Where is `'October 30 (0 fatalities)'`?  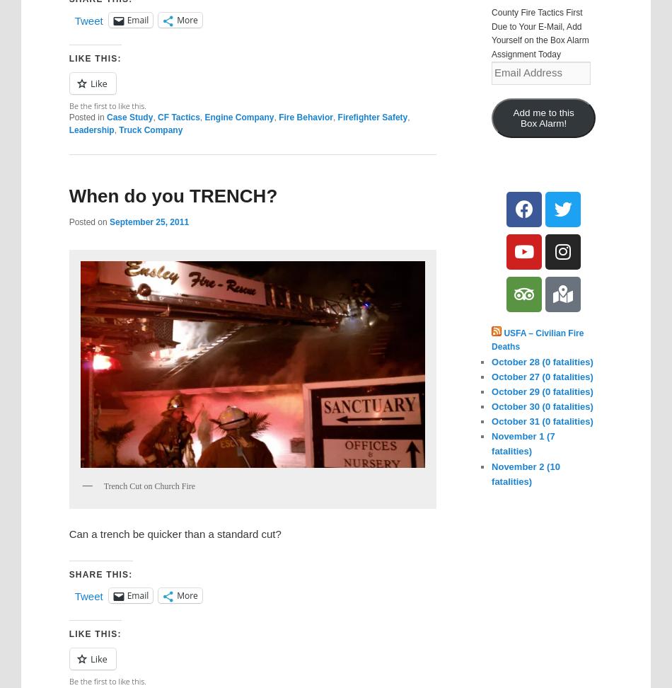
'October 30 (0 fatalities)' is located at coordinates (541, 406).